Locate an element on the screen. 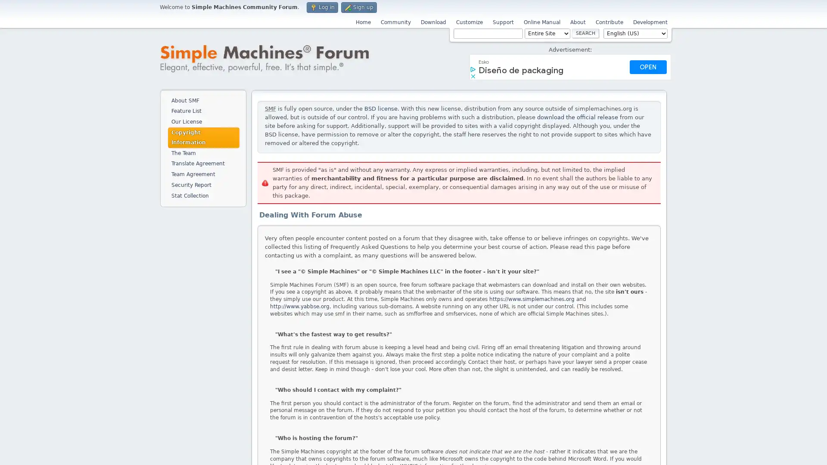 This screenshot has width=827, height=465. SEARCH is located at coordinates (585, 33).